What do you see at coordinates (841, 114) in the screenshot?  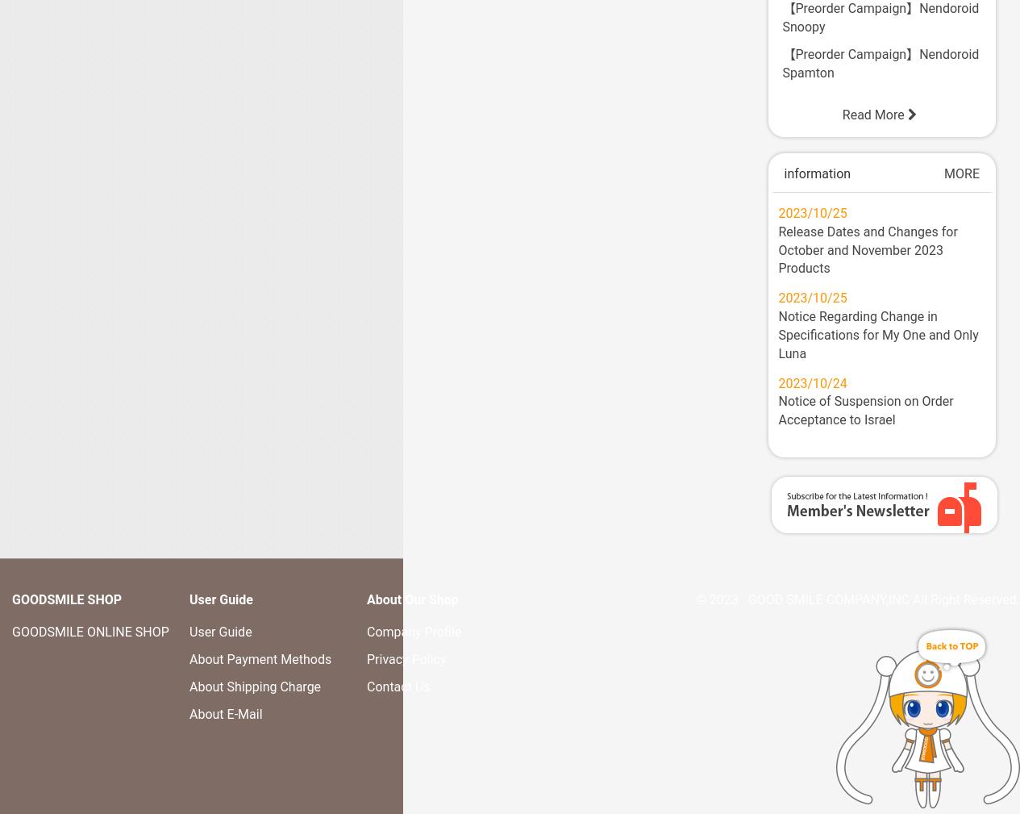 I see `'Read More'` at bounding box center [841, 114].